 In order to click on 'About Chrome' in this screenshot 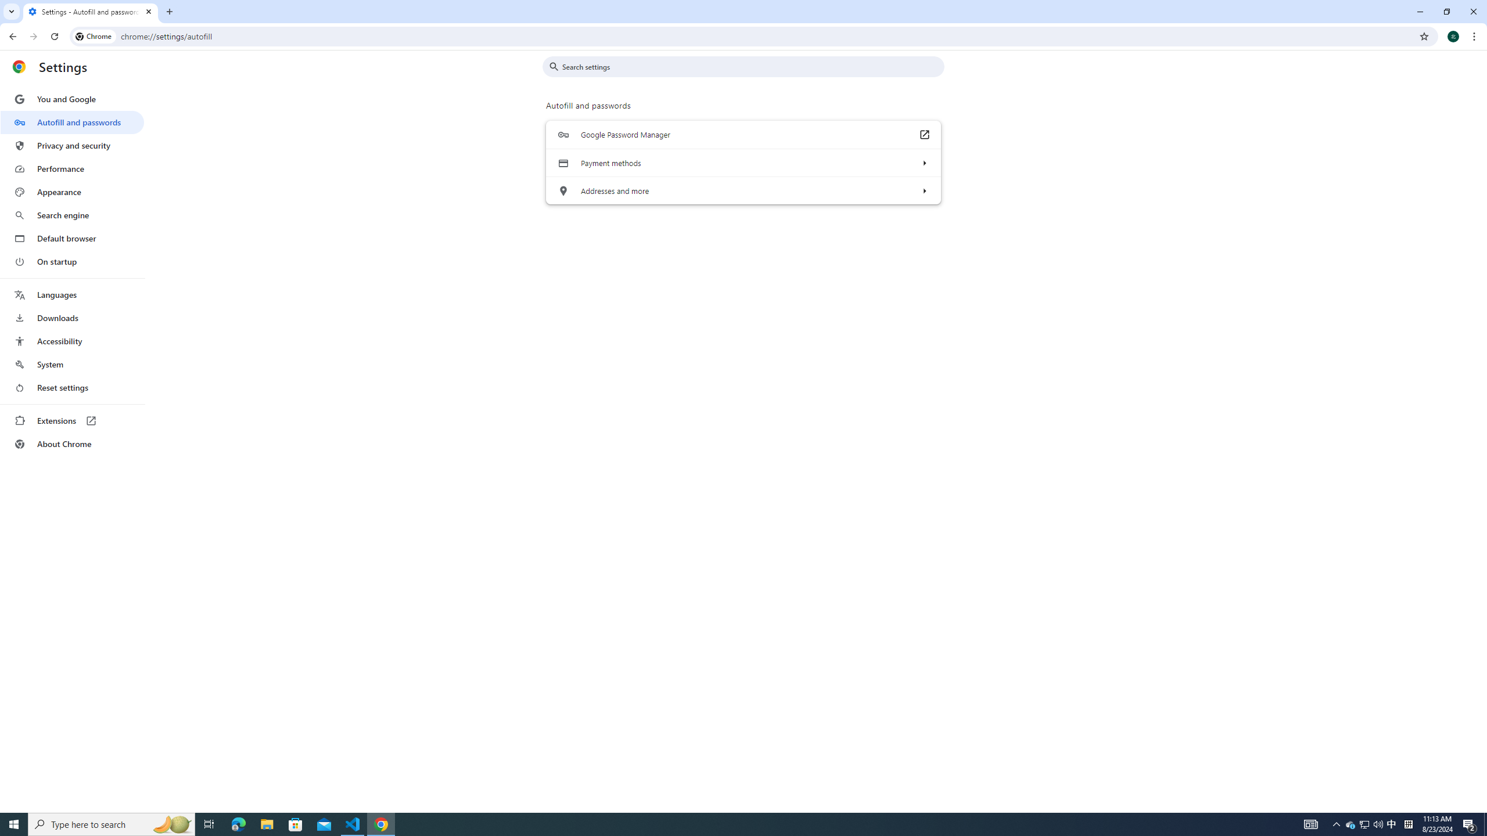, I will do `click(71, 443)`.